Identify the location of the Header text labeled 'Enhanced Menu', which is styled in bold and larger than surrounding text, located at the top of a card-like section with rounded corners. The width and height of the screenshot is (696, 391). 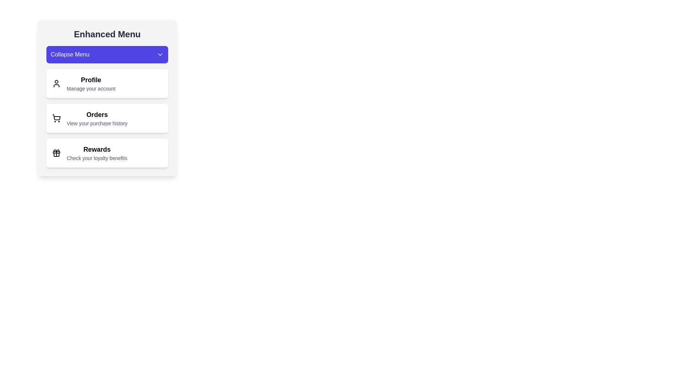
(107, 34).